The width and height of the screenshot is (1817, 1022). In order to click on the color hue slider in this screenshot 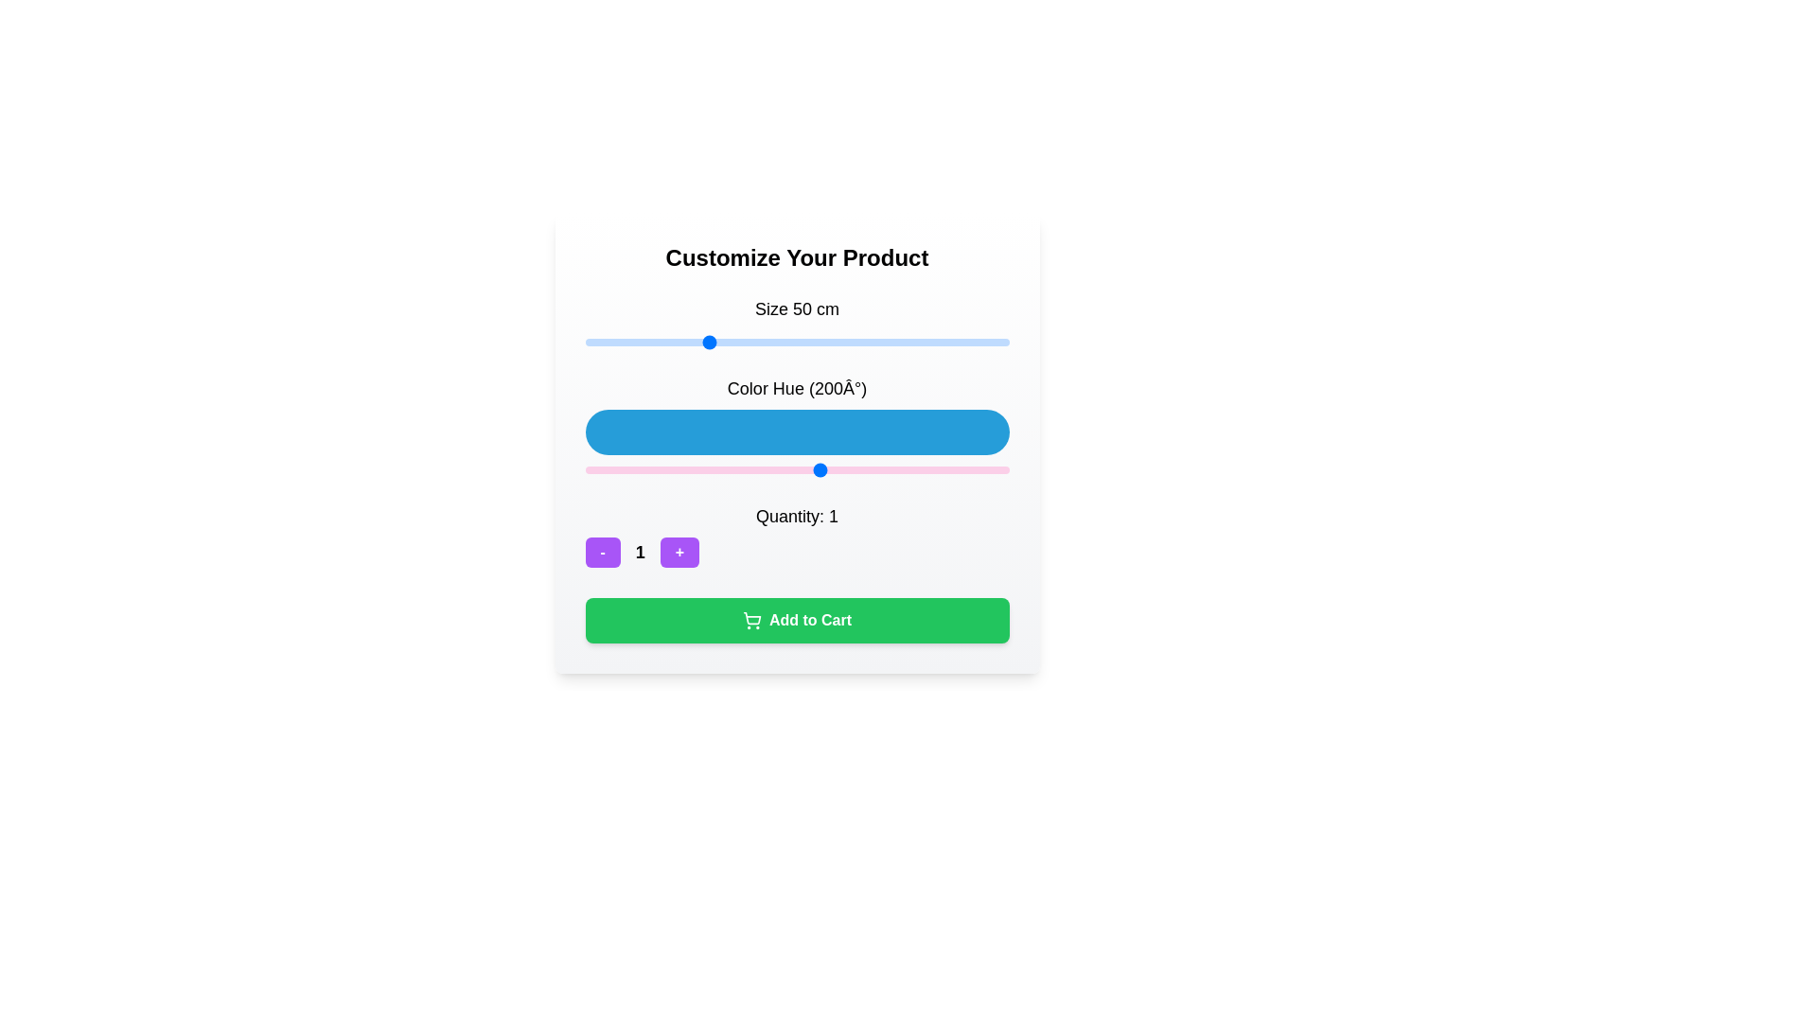, I will do `click(600, 469)`.